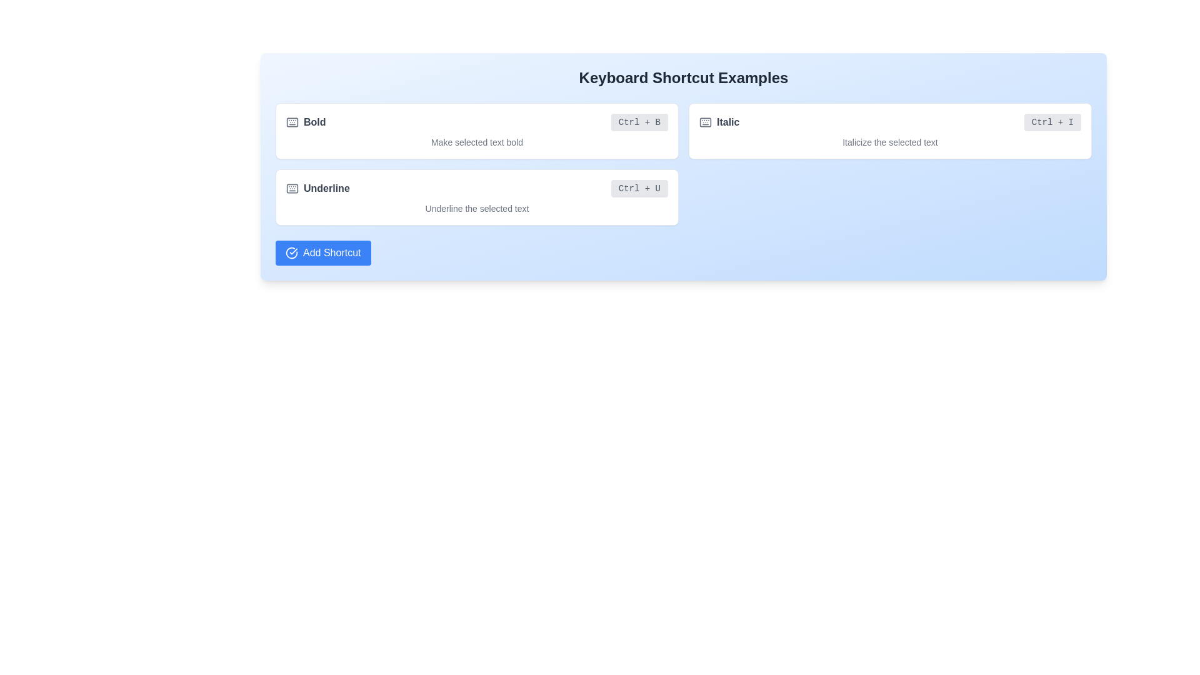 The height and width of the screenshot is (675, 1200). What do you see at coordinates (705, 122) in the screenshot?
I see `the graphical icon resembling a small keyboard, which is styled in grayscale and located immediately to the left of the 'Italic' label` at bounding box center [705, 122].